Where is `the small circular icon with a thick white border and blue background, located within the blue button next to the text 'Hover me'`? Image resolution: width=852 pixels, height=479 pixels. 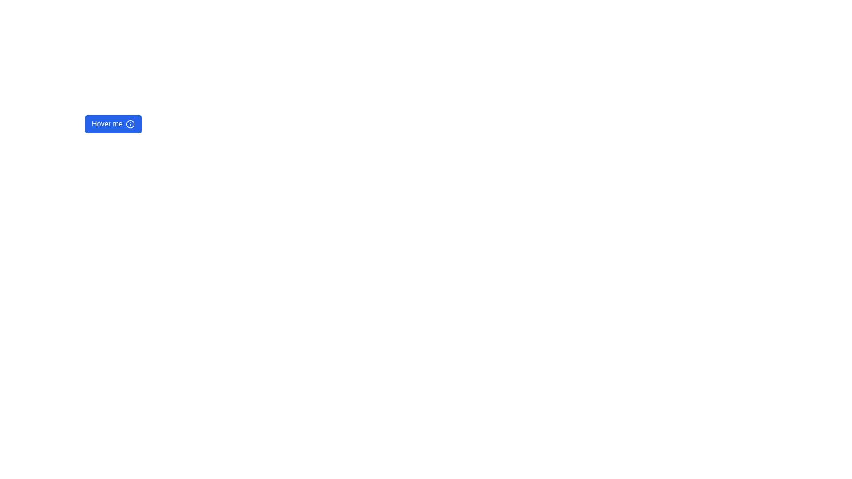 the small circular icon with a thick white border and blue background, located within the blue button next to the text 'Hover me' is located at coordinates (130, 124).